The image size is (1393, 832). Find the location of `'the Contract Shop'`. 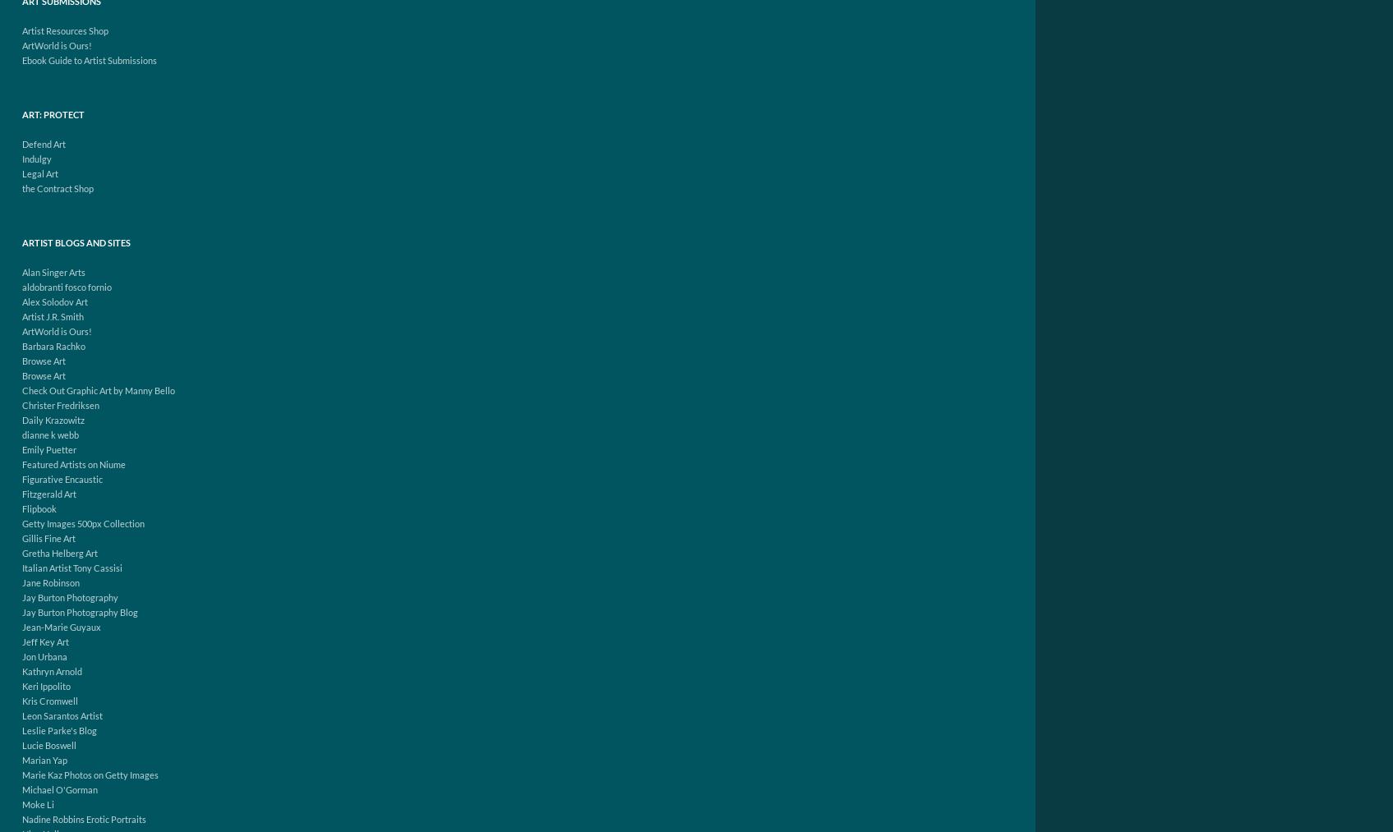

'the Contract Shop' is located at coordinates (57, 187).